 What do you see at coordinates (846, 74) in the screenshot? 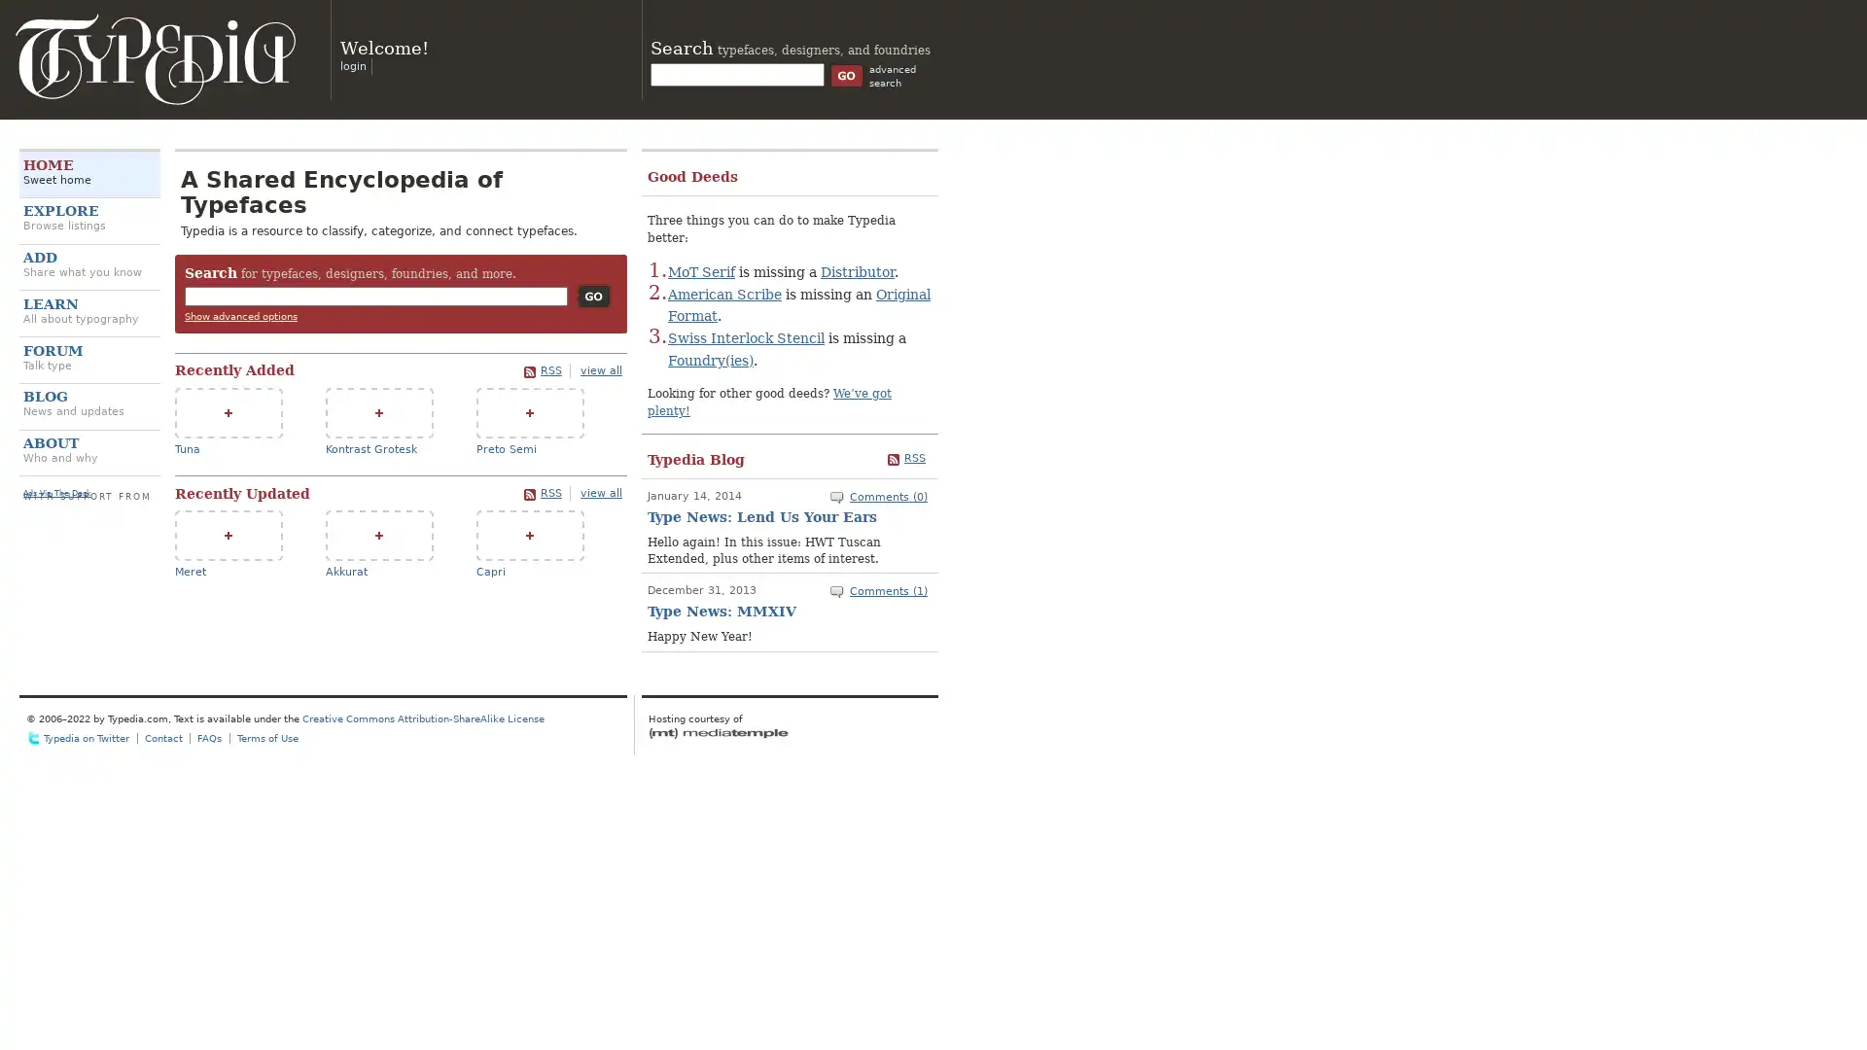
I see `Go` at bounding box center [846, 74].